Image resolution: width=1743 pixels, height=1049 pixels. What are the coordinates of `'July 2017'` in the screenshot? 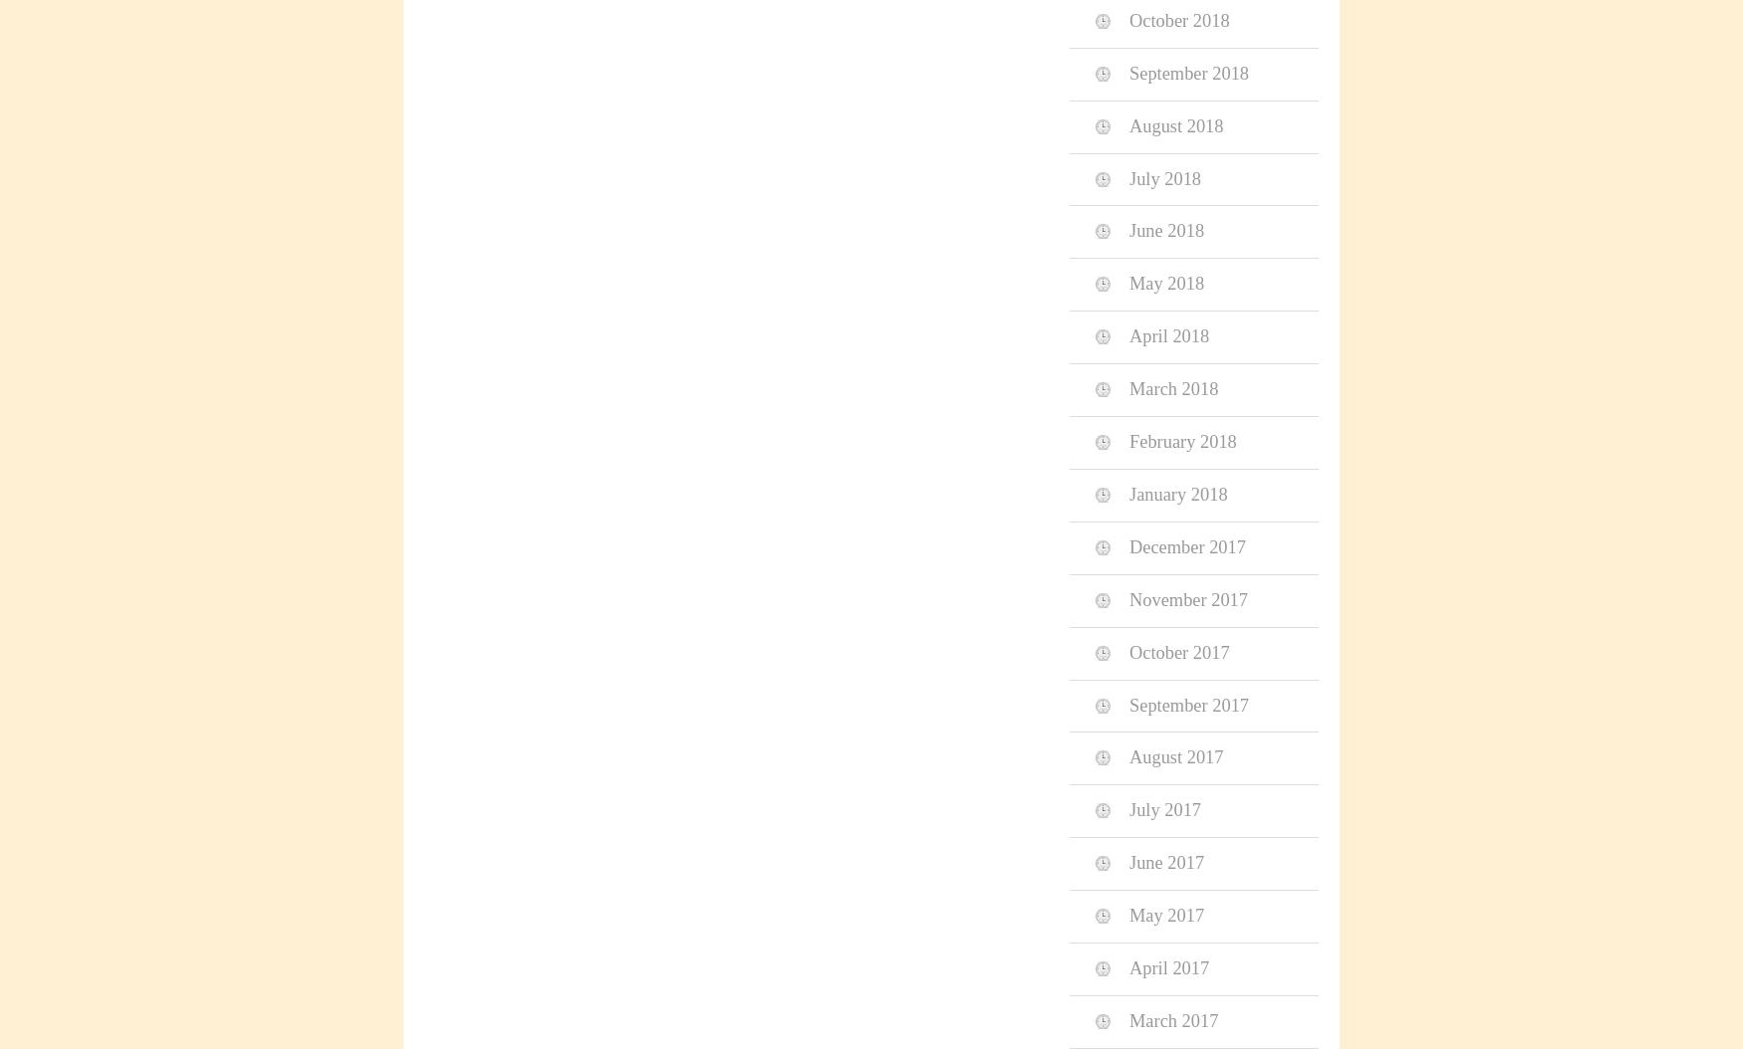 It's located at (1128, 809).